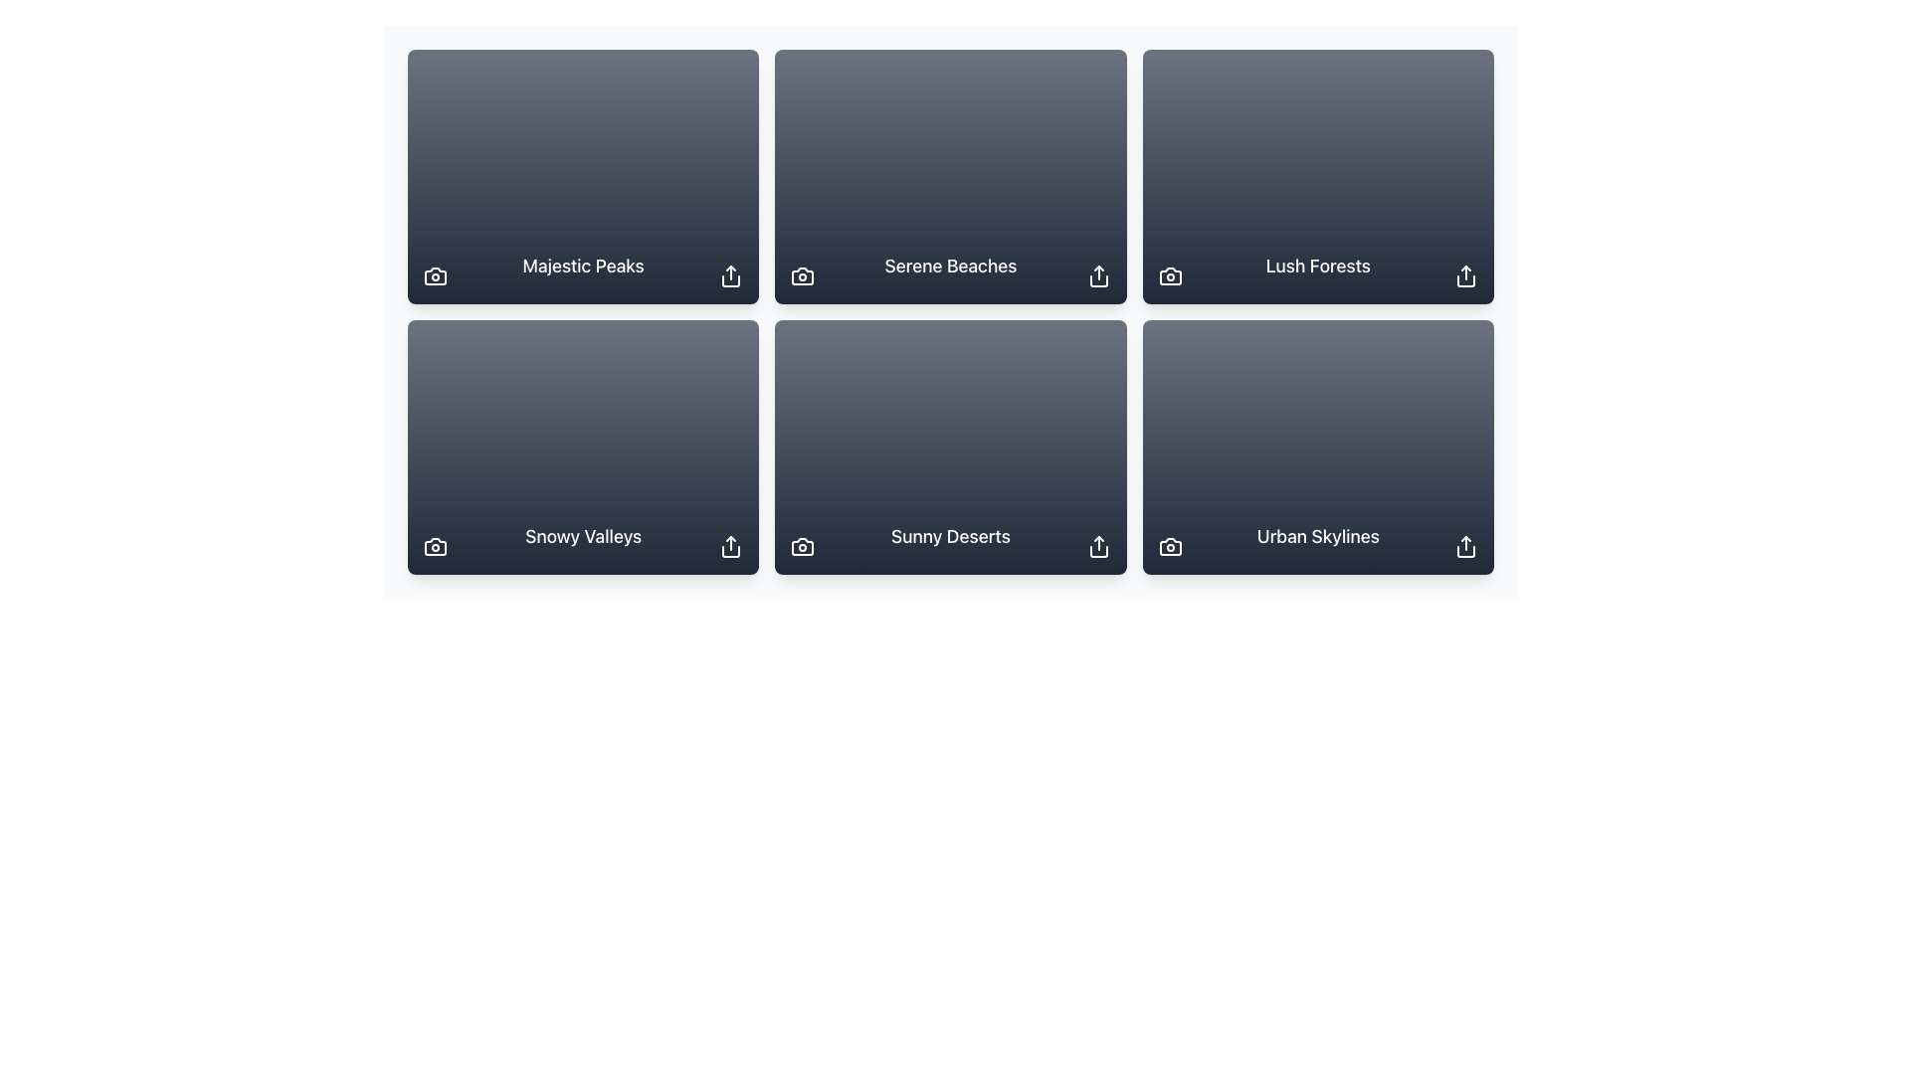  I want to click on text label 'Sunny Deserts' located at the bottom center of the dark card in the second row, third column of a three-by-two grid layout, so click(949, 537).